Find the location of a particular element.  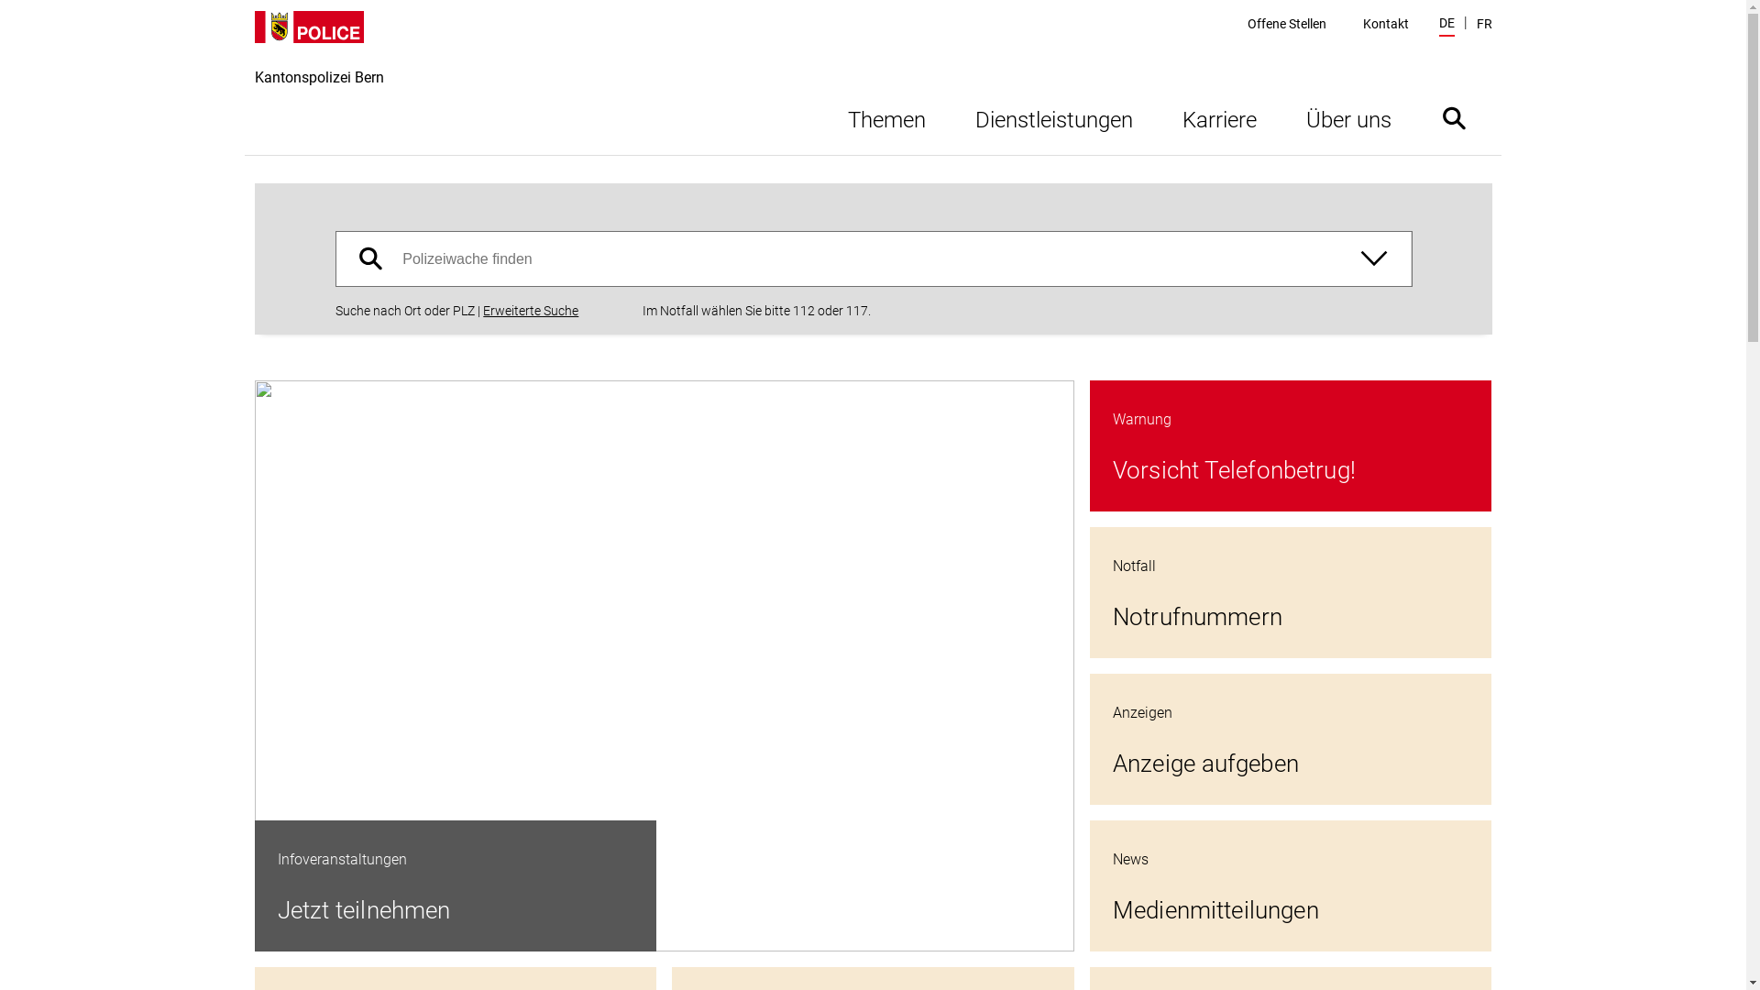

'Offene Stellen' is located at coordinates (1285, 24).